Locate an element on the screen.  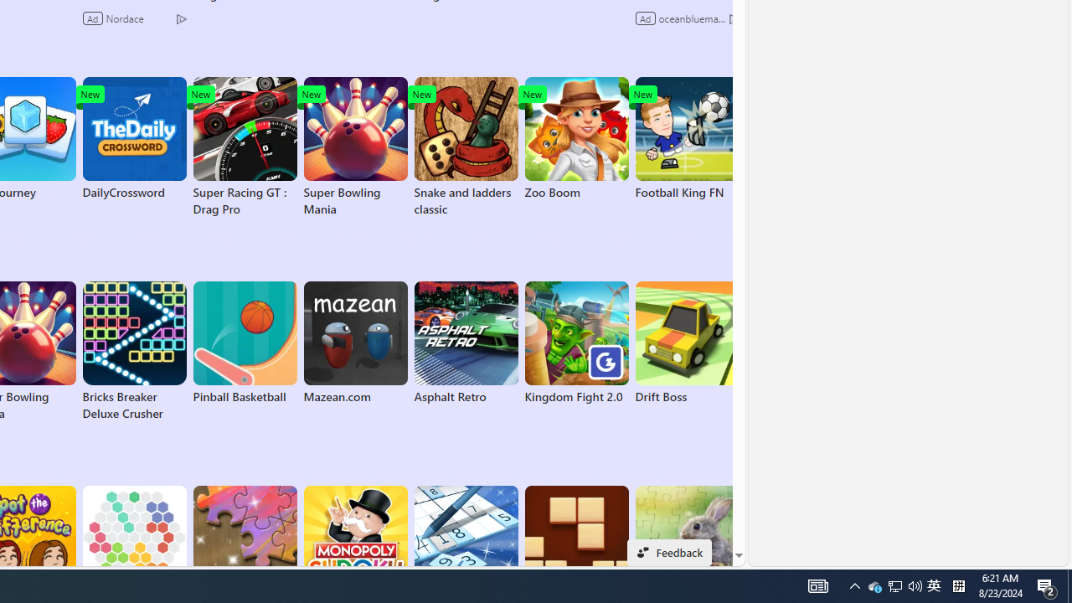
'Super Racing GT : Drag Pro' is located at coordinates (244, 147).